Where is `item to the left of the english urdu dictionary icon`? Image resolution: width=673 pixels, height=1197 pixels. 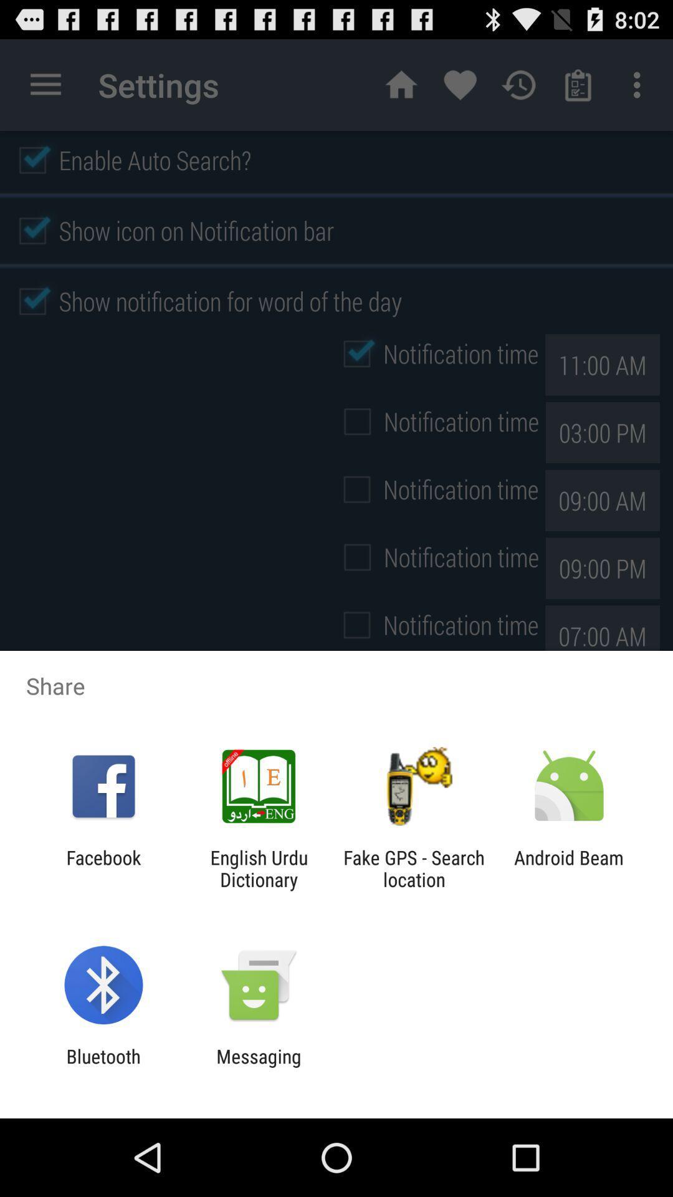 item to the left of the english urdu dictionary icon is located at coordinates (103, 868).